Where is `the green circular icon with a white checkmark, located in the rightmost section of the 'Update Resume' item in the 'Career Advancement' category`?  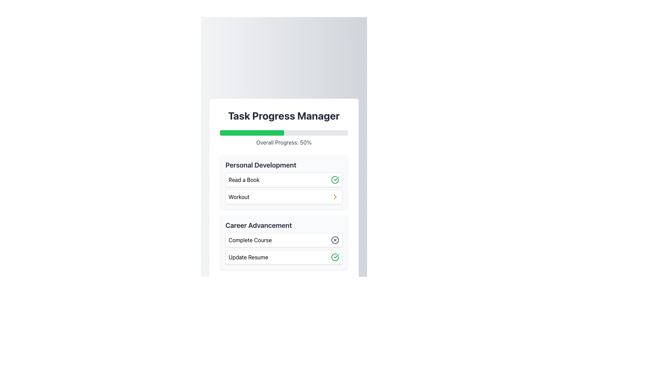
the green circular icon with a white checkmark, located in the rightmost section of the 'Update Resume' item in the 'Career Advancement' category is located at coordinates (335, 257).